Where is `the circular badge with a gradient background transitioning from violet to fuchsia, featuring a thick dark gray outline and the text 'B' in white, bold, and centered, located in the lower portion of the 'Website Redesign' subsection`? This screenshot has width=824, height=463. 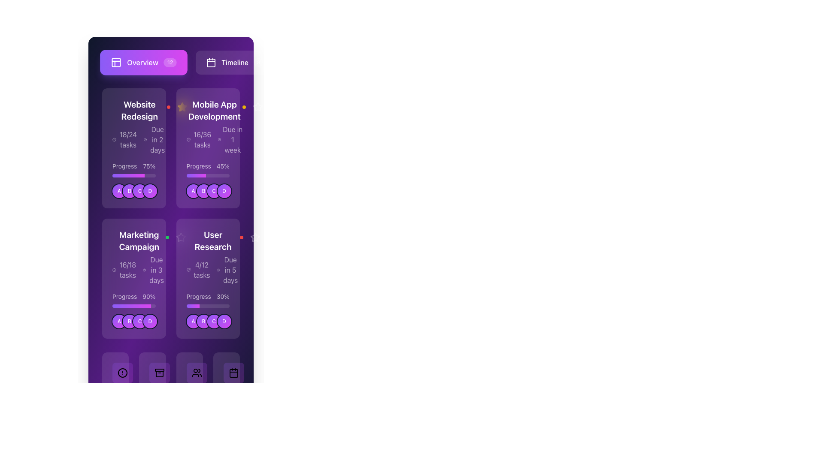
the circular badge with a gradient background transitioning from violet to fuchsia, featuring a thick dark gray outline and the text 'B' in white, bold, and centered, located in the lower portion of the 'Website Redesign' subsection is located at coordinates (129, 191).